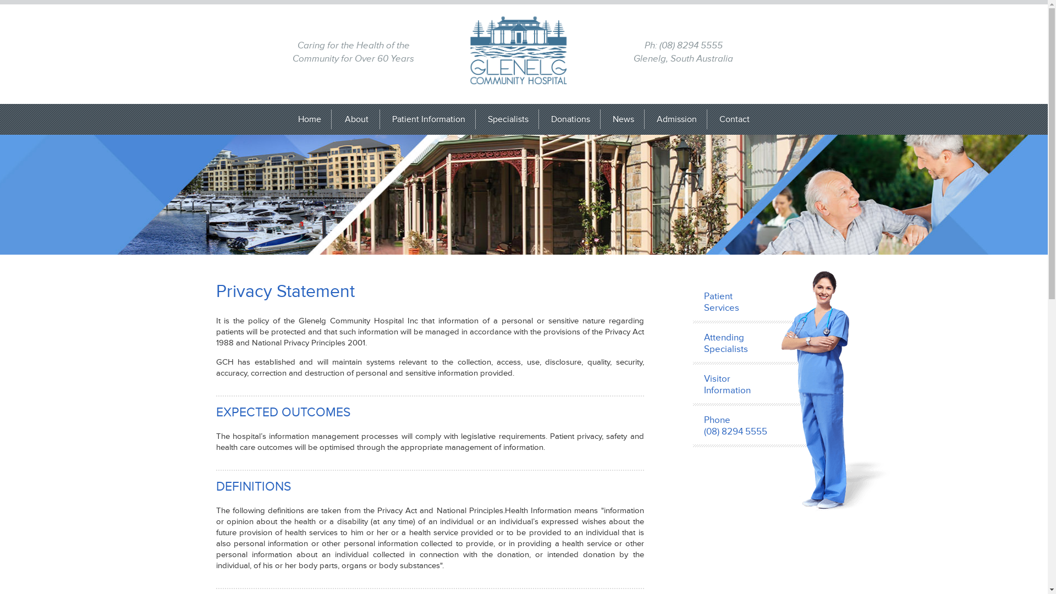  What do you see at coordinates (734, 119) in the screenshot?
I see `'Contact'` at bounding box center [734, 119].